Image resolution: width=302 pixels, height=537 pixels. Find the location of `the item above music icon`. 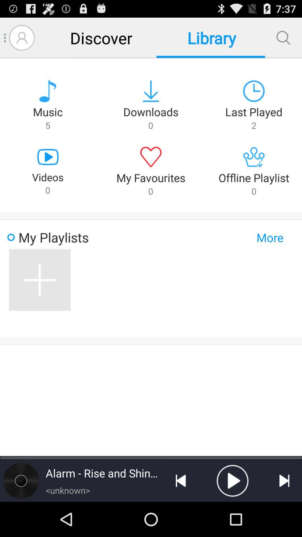

the item above music icon is located at coordinates (22, 37).